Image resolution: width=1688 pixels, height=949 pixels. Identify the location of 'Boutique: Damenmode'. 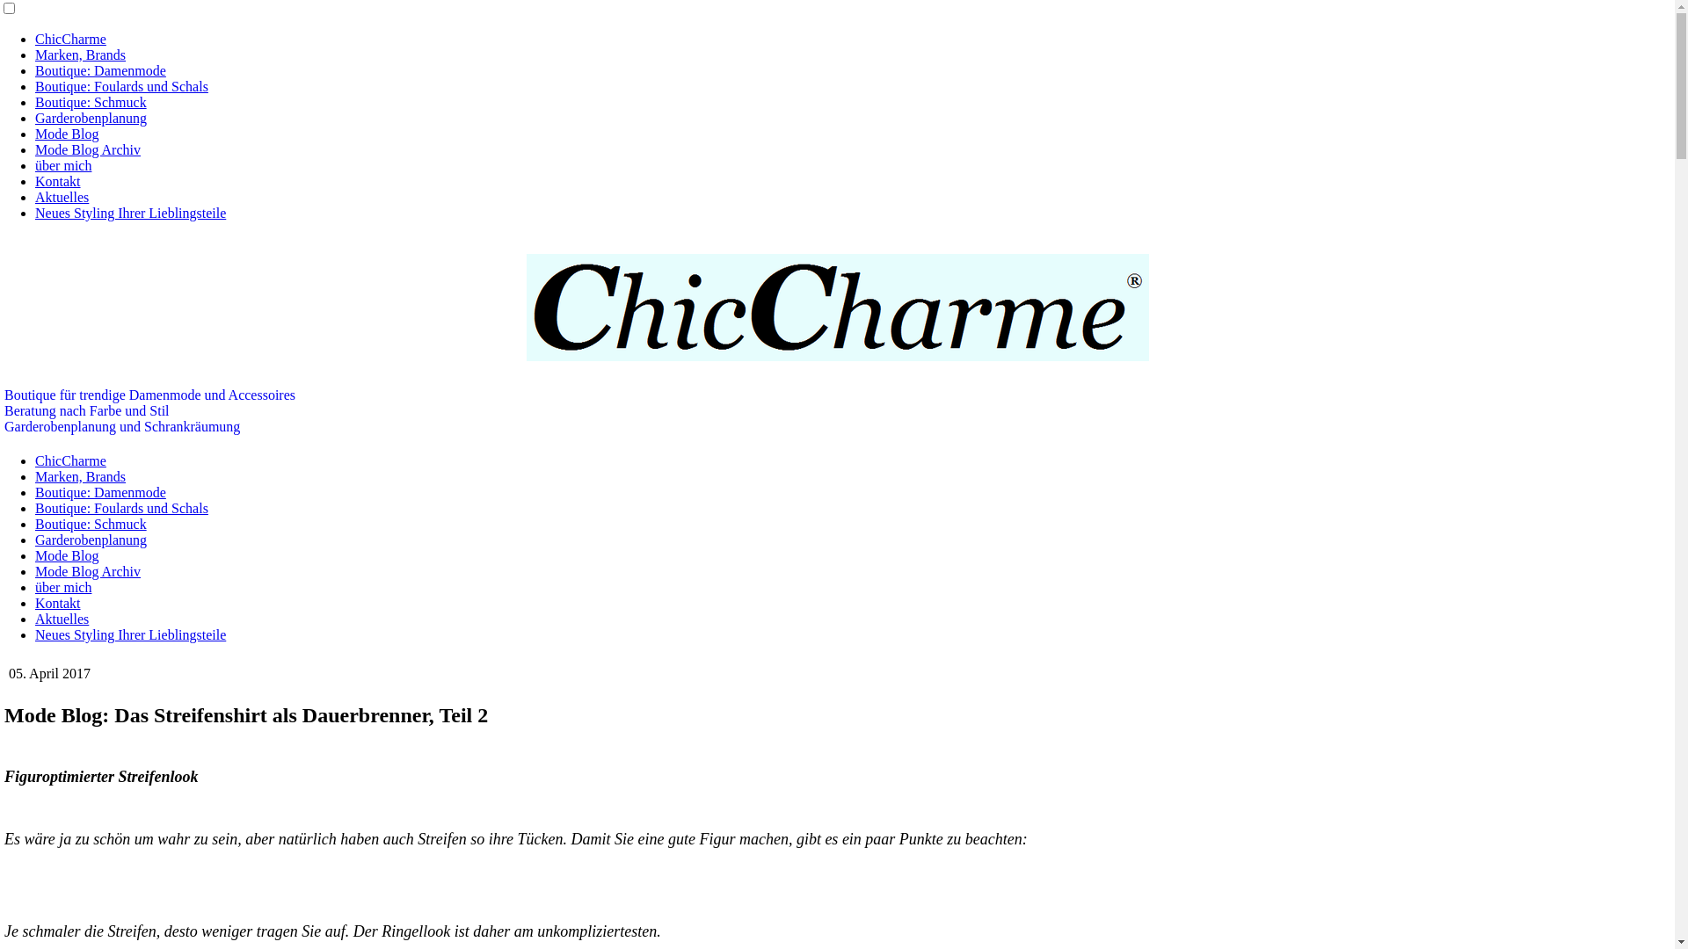
(99, 492).